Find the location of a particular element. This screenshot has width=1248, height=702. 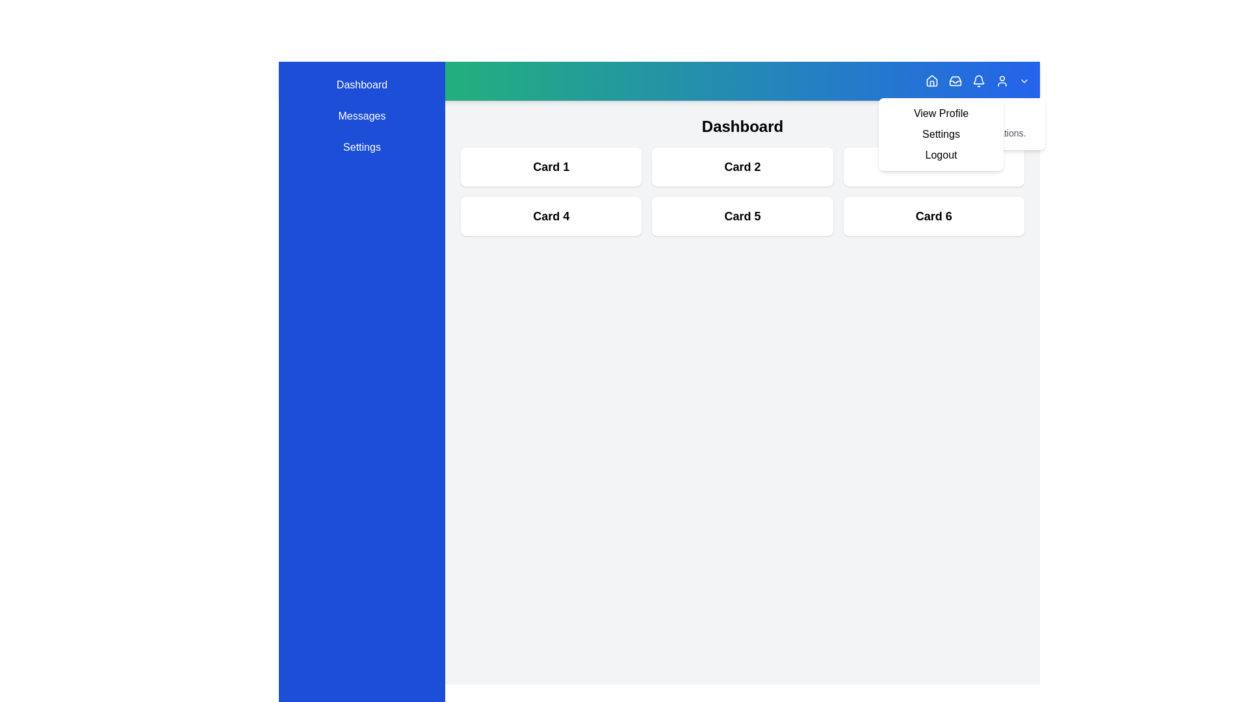

message displayed as 'You have 3 new notifications.' which is the second textual item within the notifications panel located in the top-right corner of the interface is located at coordinates (967, 133).